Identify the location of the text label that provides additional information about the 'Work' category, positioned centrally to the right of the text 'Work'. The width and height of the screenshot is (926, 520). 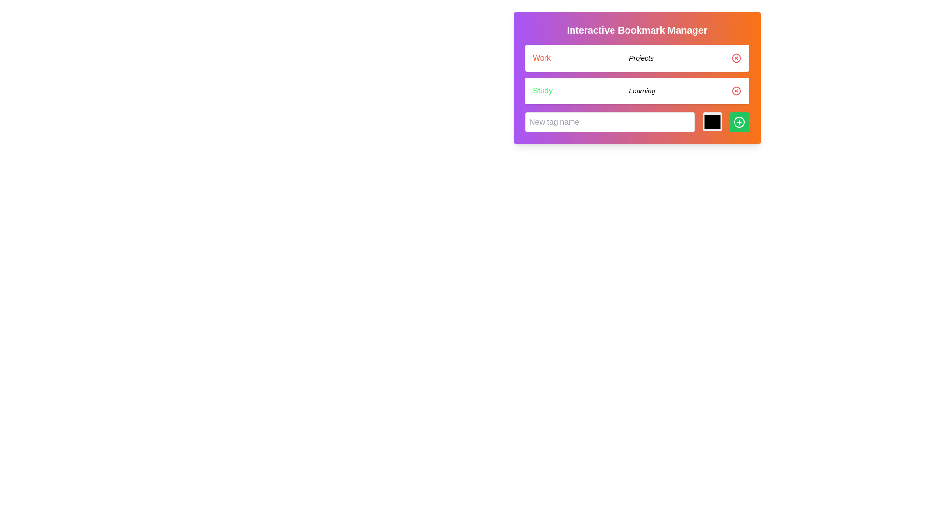
(641, 58).